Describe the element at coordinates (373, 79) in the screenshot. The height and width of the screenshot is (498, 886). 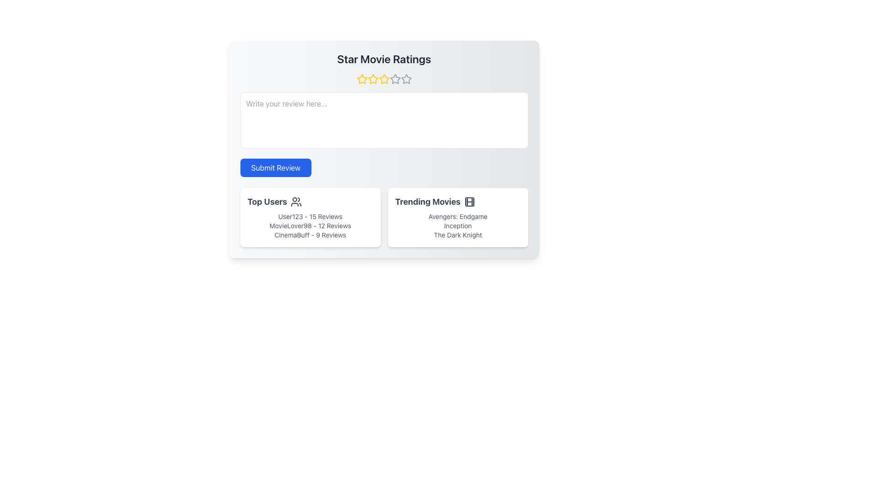
I see `the third star icon in the 'Star Movie Ratings' section, which has a yellow outline and hollow center` at that location.